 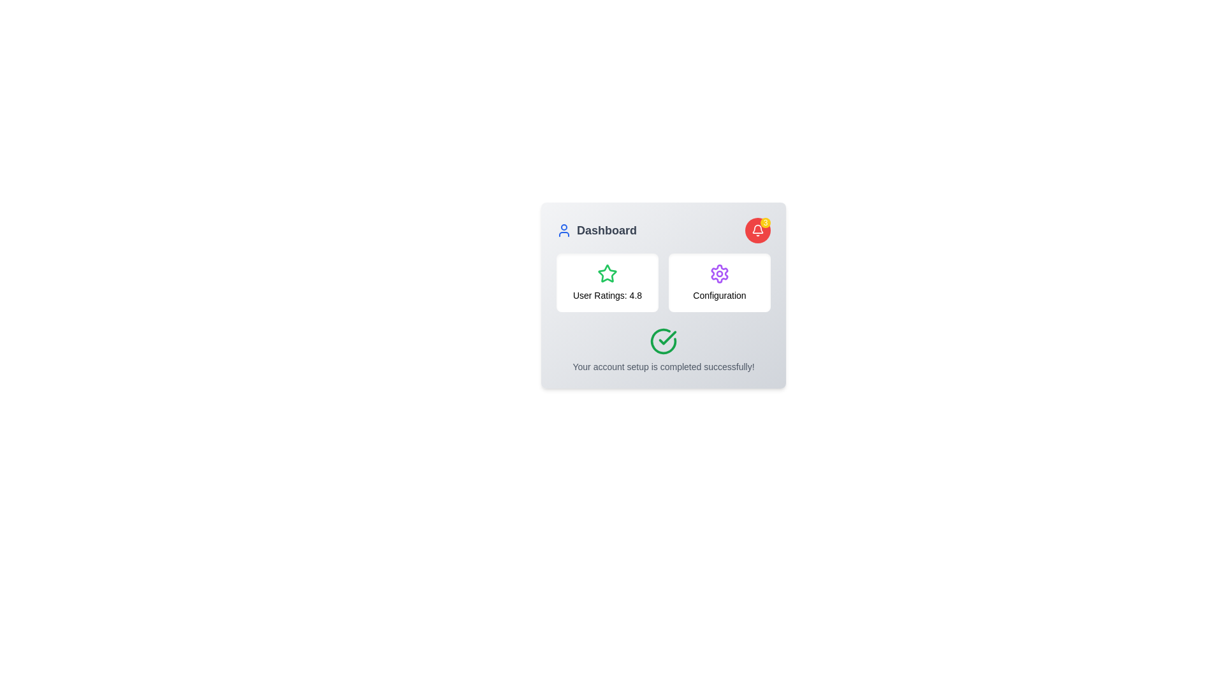 I want to click on the visual state of the green outlined star icon located in the top-left corner of the card containing 'User Ratings: 4.8', so click(x=607, y=273).